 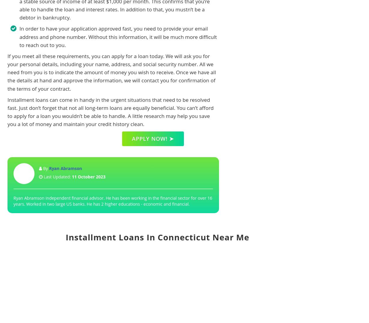 I want to click on 'Last Updated:', so click(x=57, y=177).